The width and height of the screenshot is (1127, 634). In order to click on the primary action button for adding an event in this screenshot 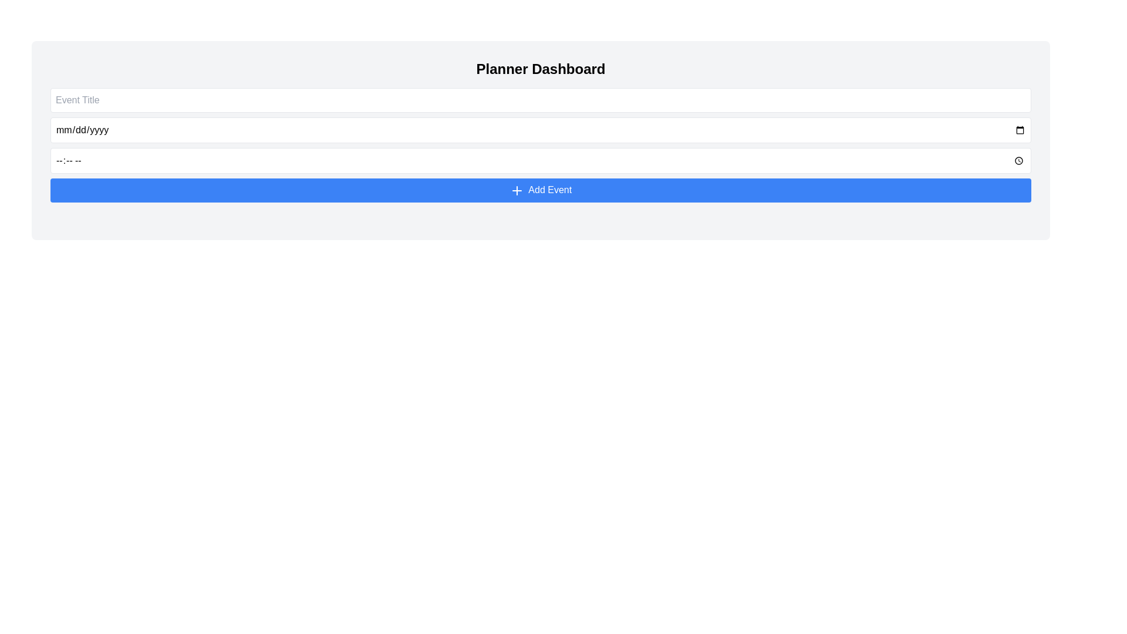, I will do `click(540, 190)`.